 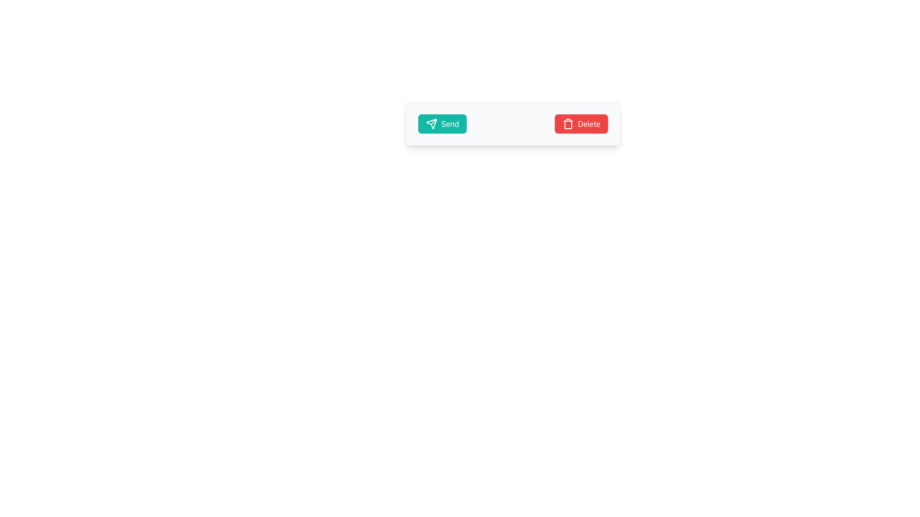 I want to click on the red rectangular button labeled 'Delete' with a trash can icon, which changes color when hovered, to trigger potential secondary effects, so click(x=581, y=123).